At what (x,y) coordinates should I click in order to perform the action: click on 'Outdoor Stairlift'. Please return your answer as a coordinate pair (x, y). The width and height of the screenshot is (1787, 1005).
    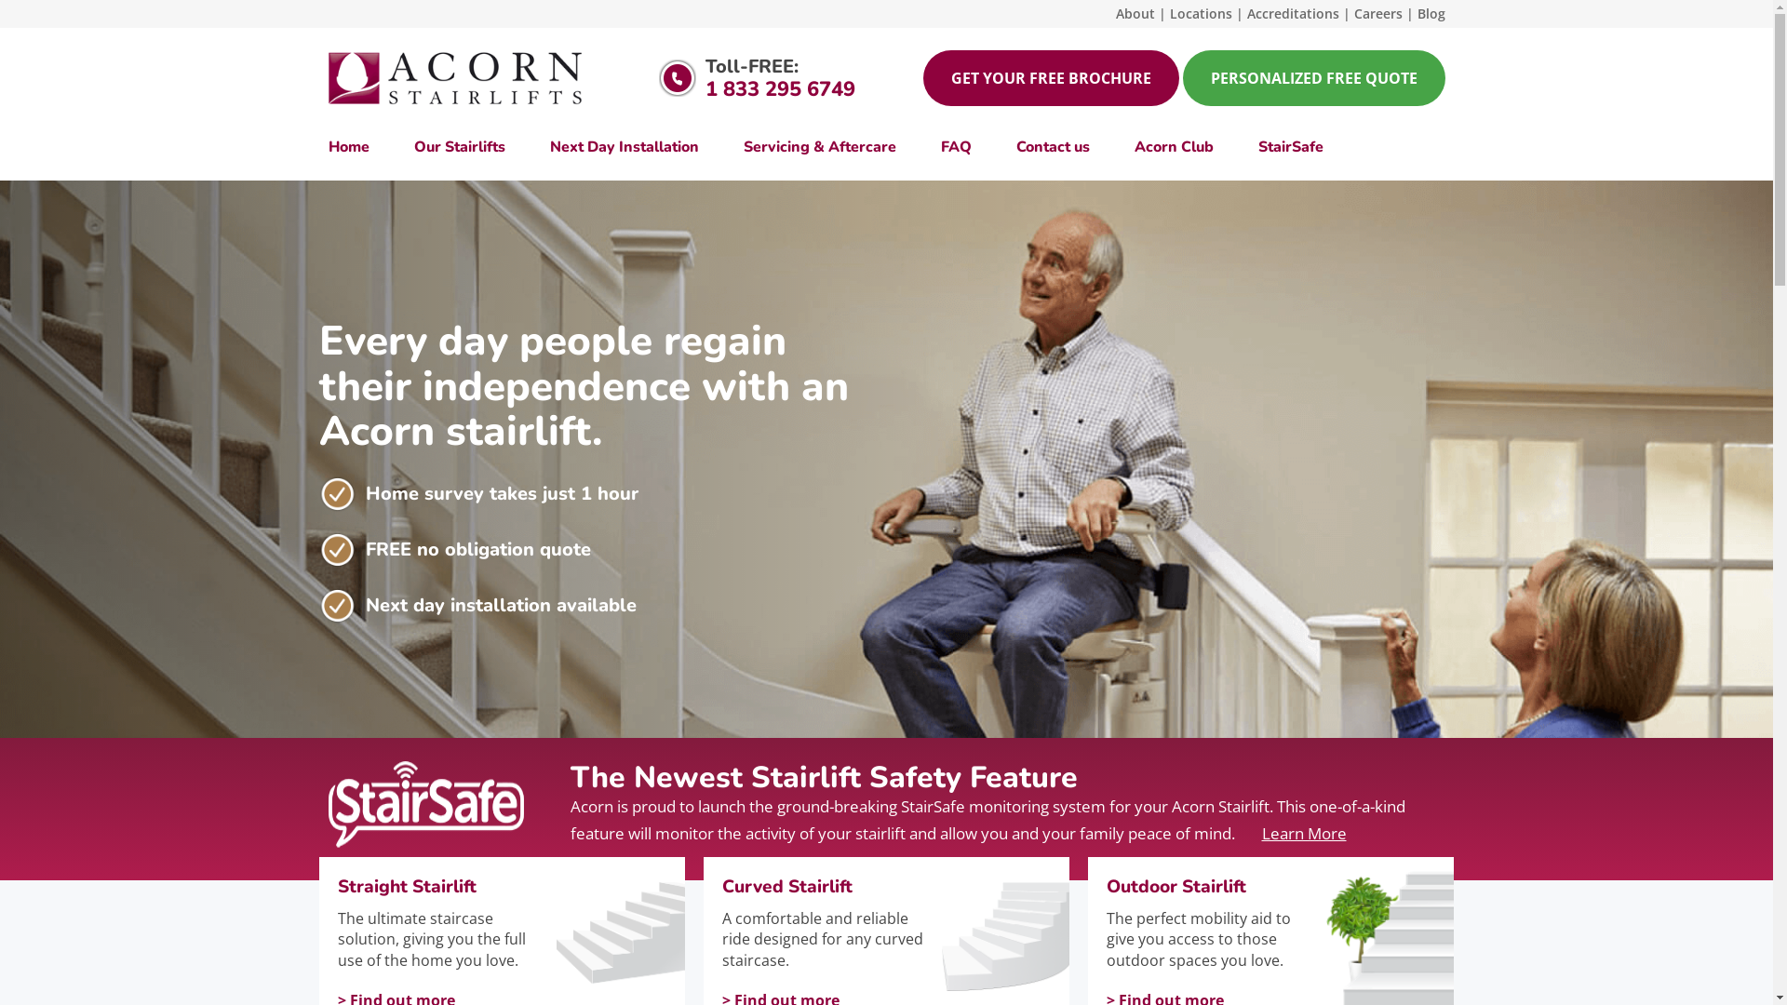
    Looking at the image, I should click on (1213, 886).